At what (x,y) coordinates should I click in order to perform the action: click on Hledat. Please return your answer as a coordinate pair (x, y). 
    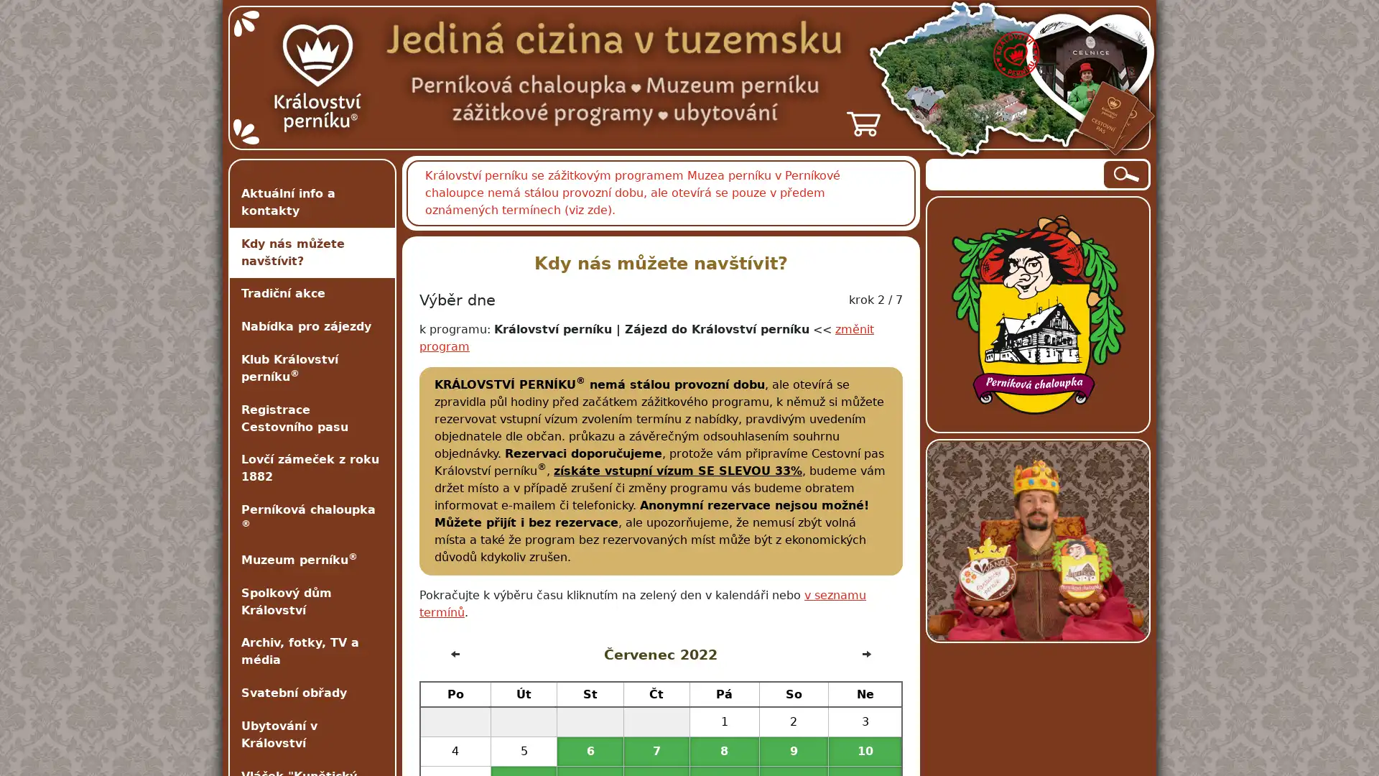
    Looking at the image, I should click on (1125, 174).